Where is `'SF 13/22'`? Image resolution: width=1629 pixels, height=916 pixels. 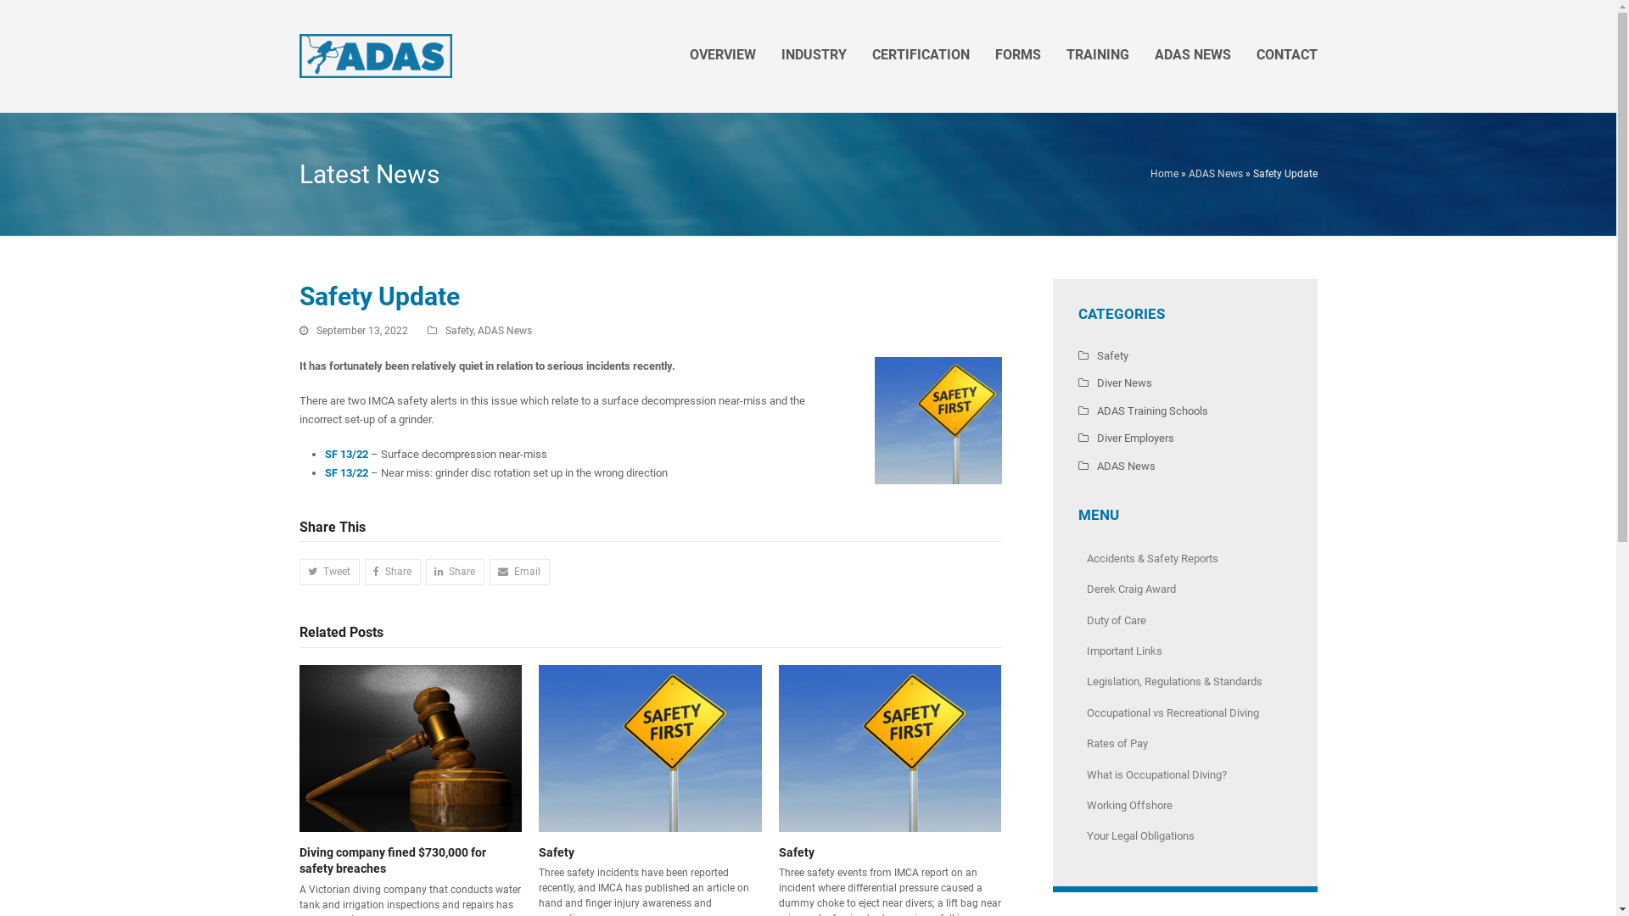
'SF 13/22' is located at coordinates (344, 472).